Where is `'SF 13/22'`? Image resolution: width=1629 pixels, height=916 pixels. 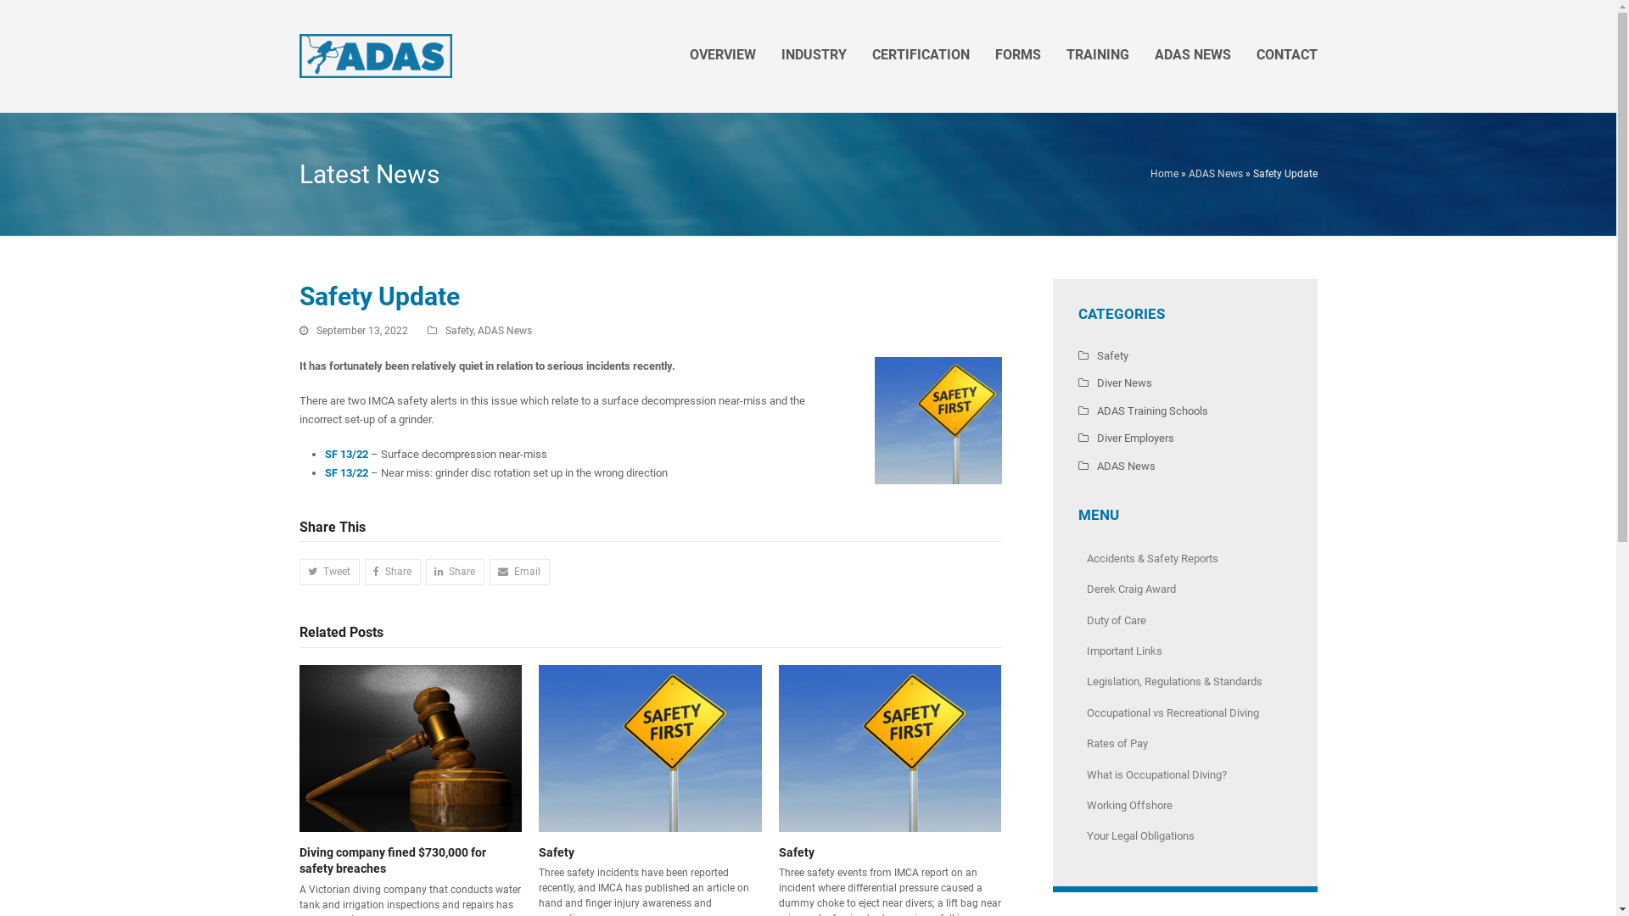
'SF 13/22' is located at coordinates (344, 472).